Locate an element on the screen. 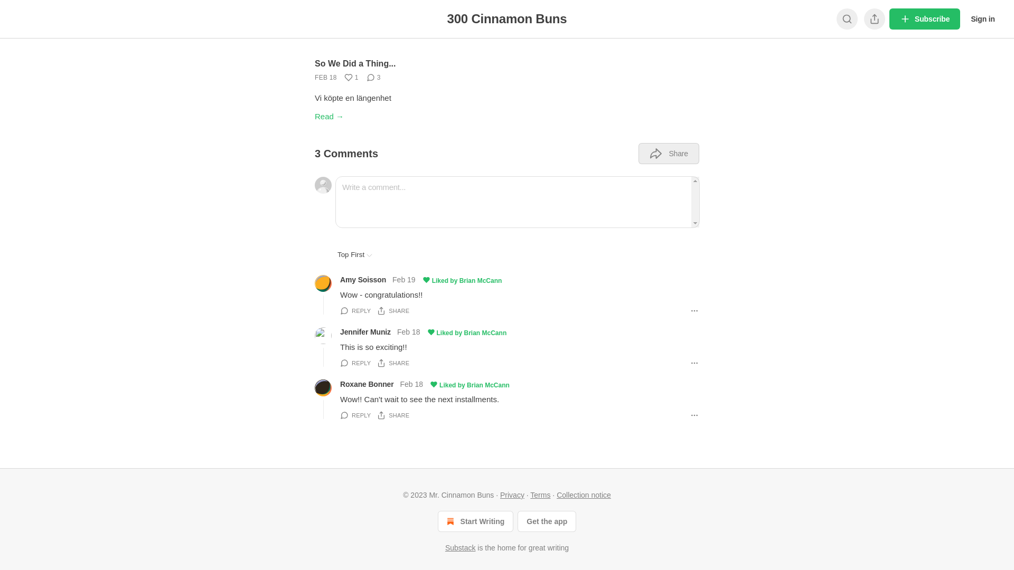  'Top First' is located at coordinates (355, 254).